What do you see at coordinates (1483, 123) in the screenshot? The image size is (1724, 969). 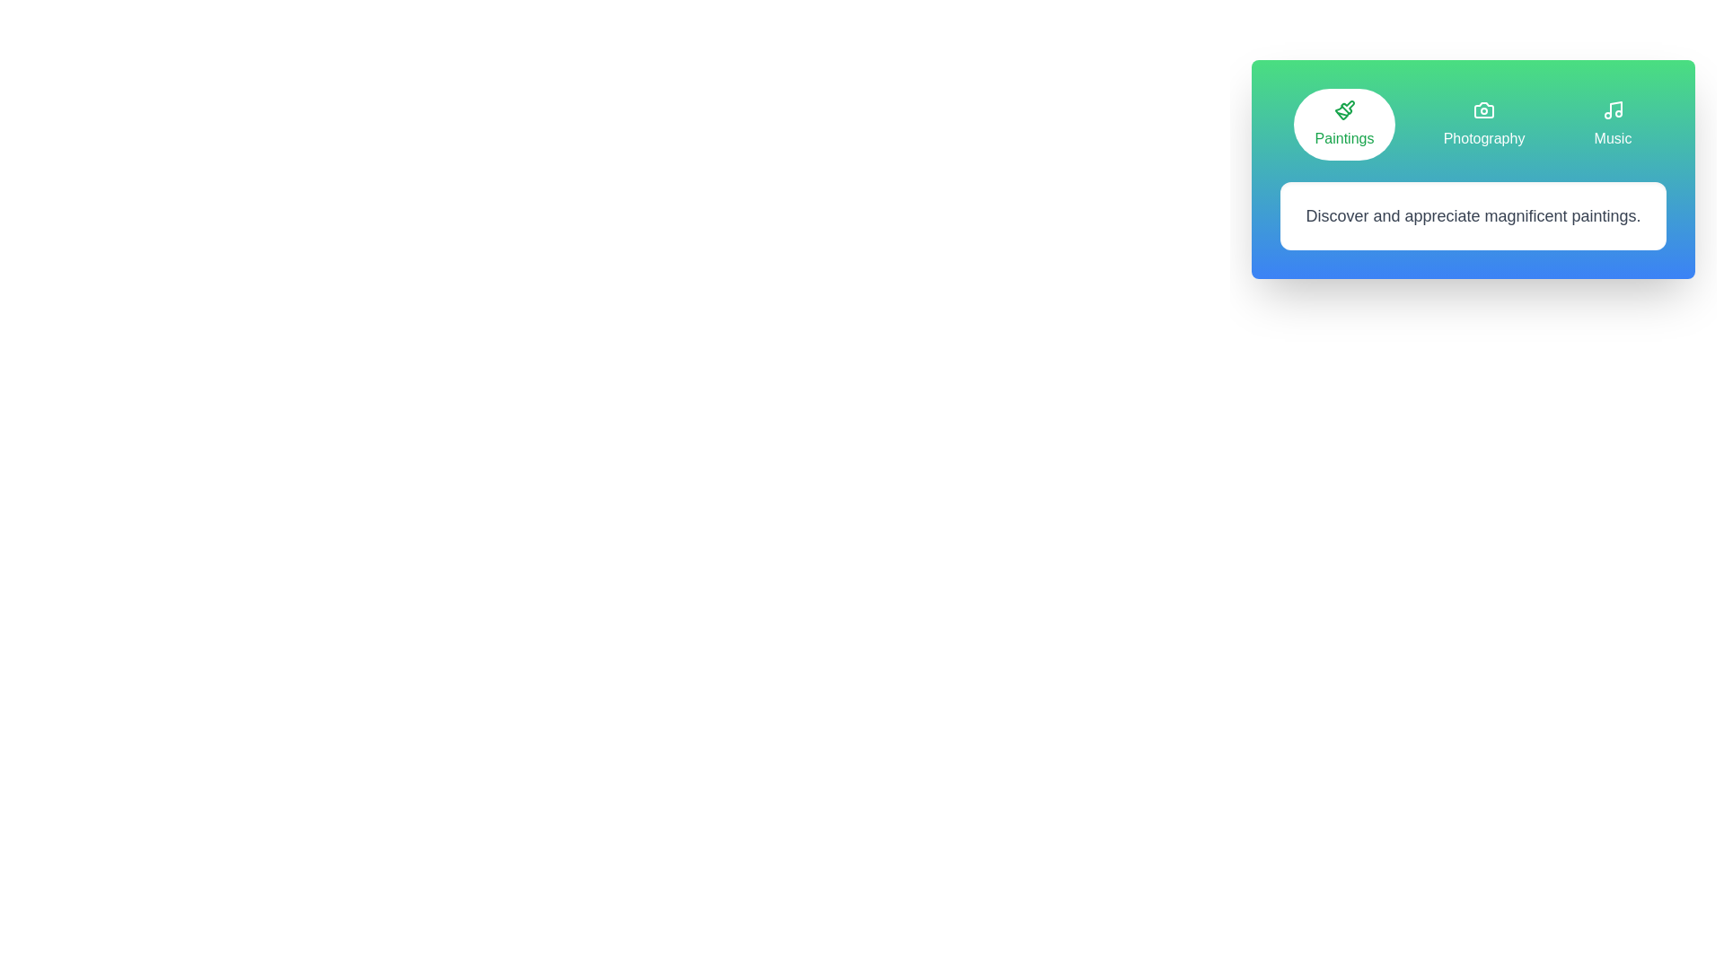 I see `the Photography tab to view its content` at bounding box center [1483, 123].